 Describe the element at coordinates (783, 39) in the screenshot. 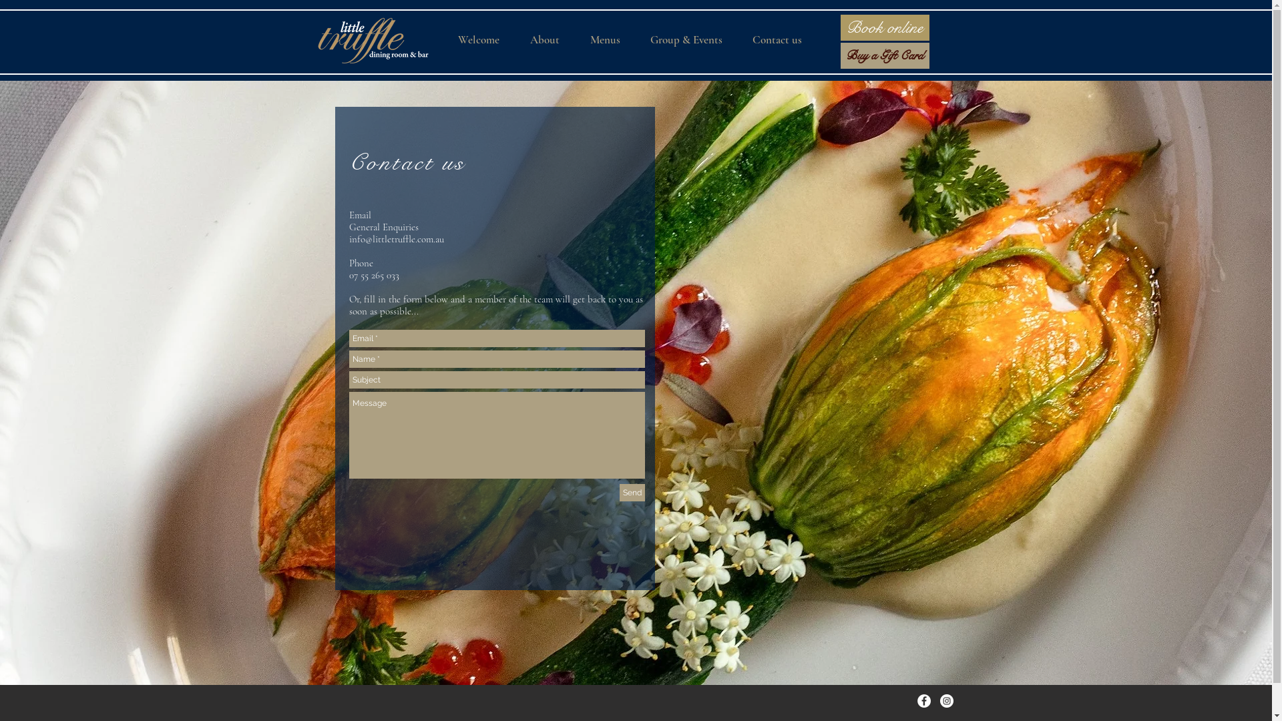

I see `'Contact us'` at that location.